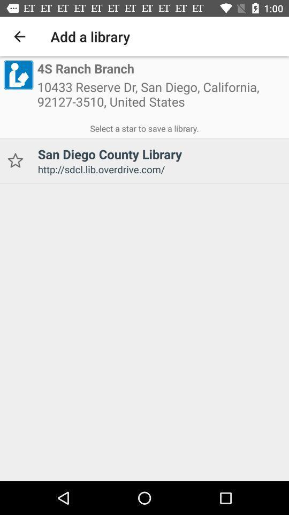 Image resolution: width=289 pixels, height=515 pixels. What do you see at coordinates (14, 160) in the screenshot?
I see `icon to the left of san diego county` at bounding box center [14, 160].